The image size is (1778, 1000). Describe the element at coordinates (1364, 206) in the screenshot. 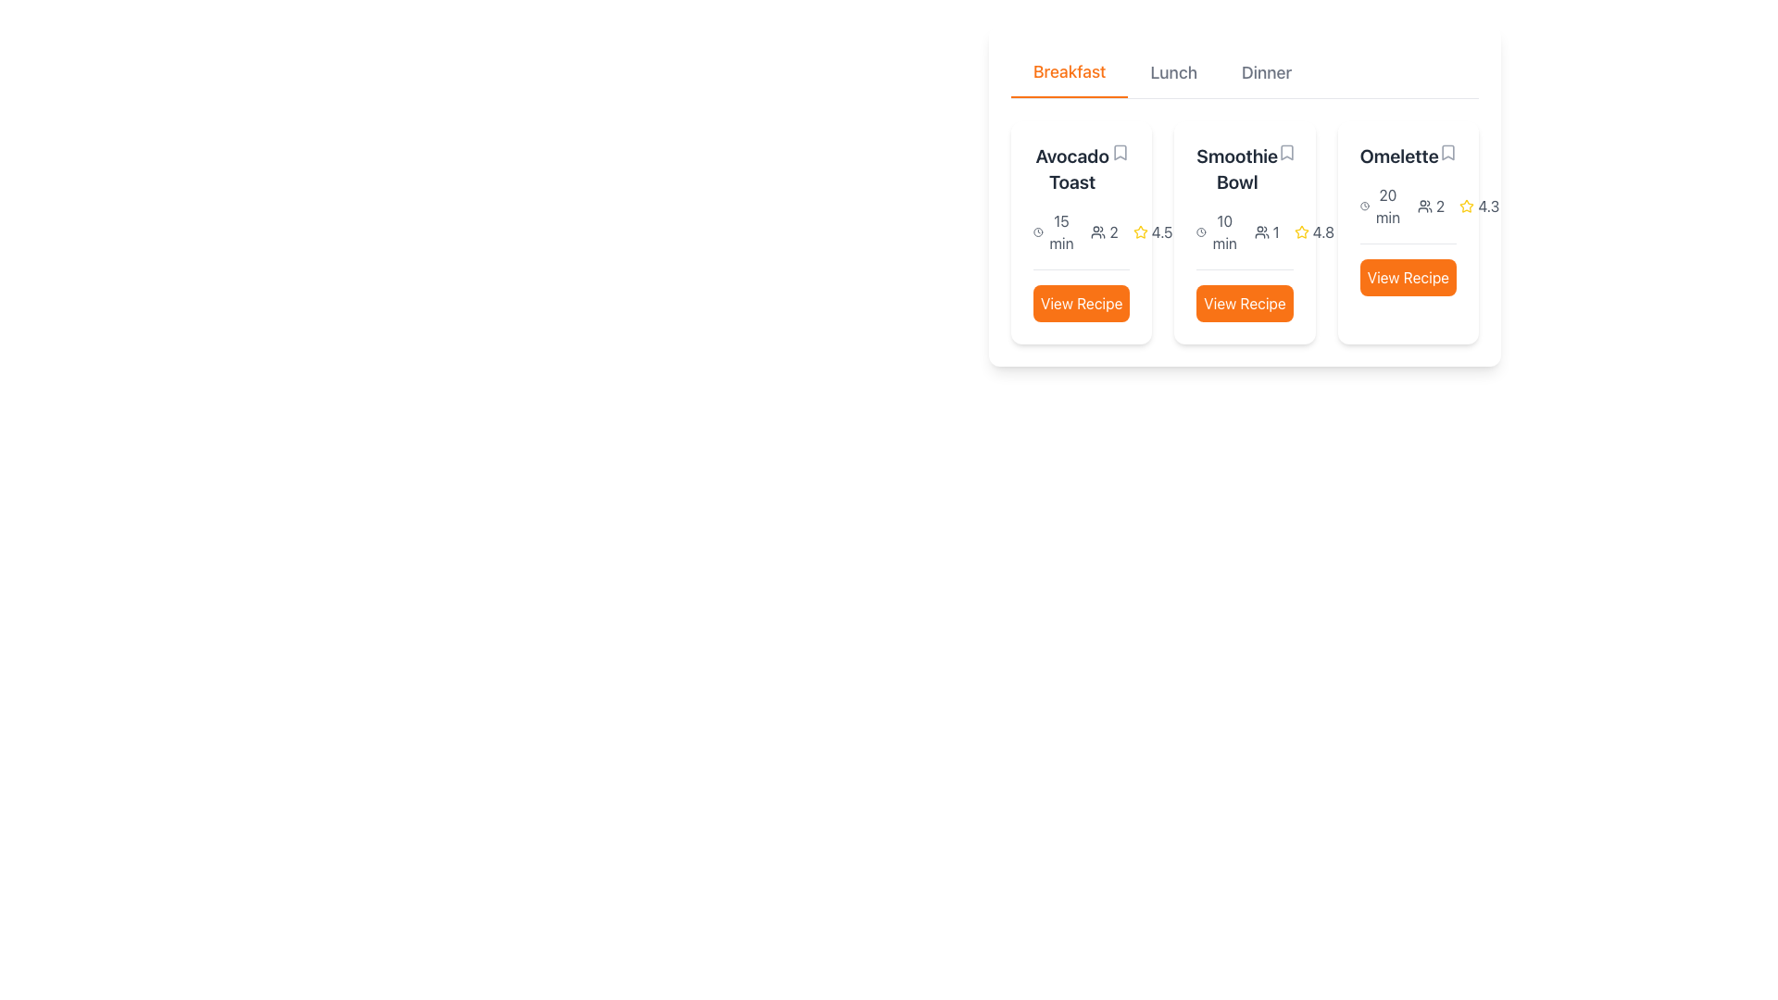

I see `the clock icon located to the left of the text '20 min' in the third card under the 'Breakfast' tab` at that location.